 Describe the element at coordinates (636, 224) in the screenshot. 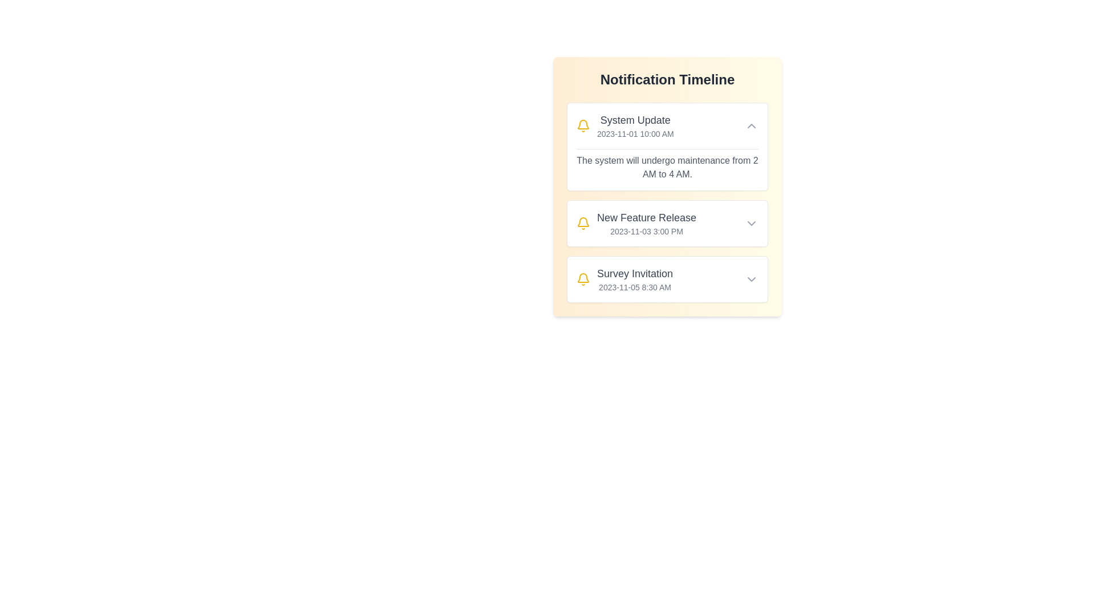

I see `information conveyed by the second notification item in the 'Notification Timeline' section, which displays details about a new feature release` at that location.